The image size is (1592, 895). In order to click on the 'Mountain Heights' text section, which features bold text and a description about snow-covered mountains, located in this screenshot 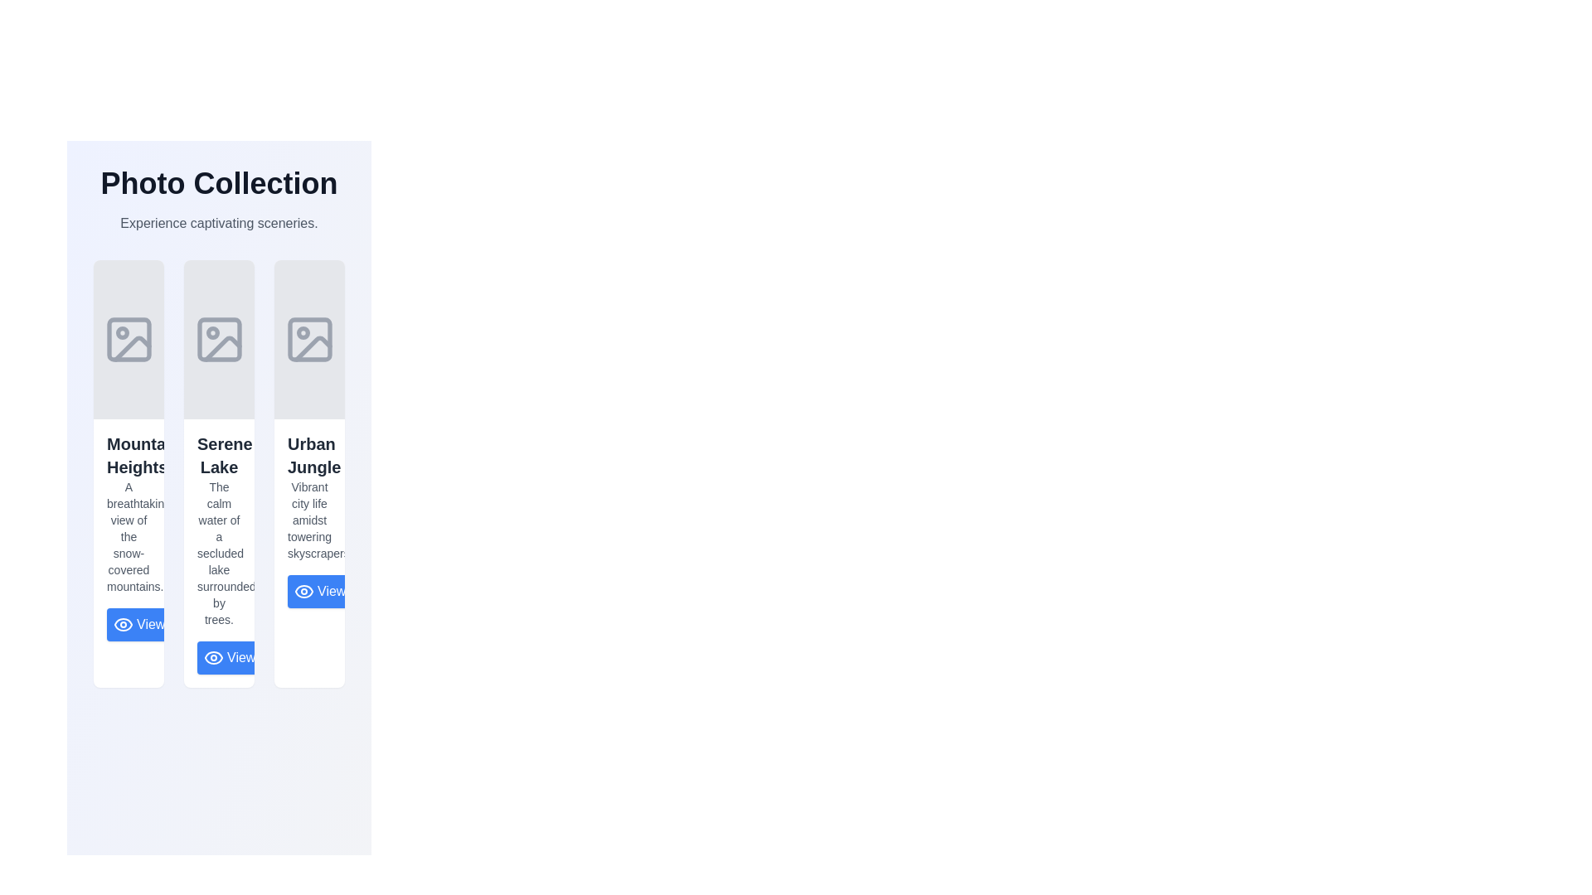, I will do `click(128, 537)`.